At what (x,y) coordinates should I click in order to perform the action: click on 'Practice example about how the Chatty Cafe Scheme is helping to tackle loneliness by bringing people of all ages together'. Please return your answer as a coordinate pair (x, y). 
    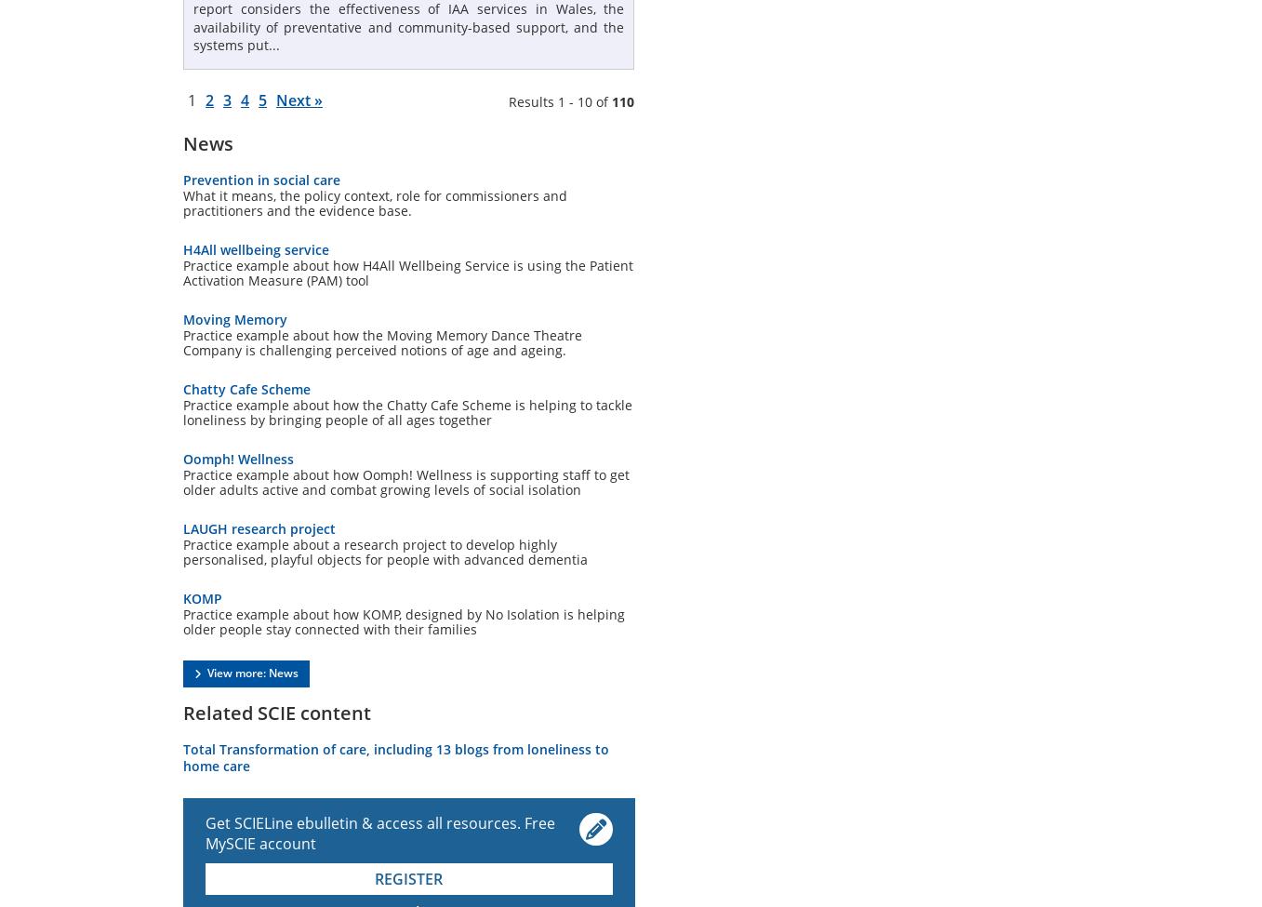
    Looking at the image, I should click on (406, 411).